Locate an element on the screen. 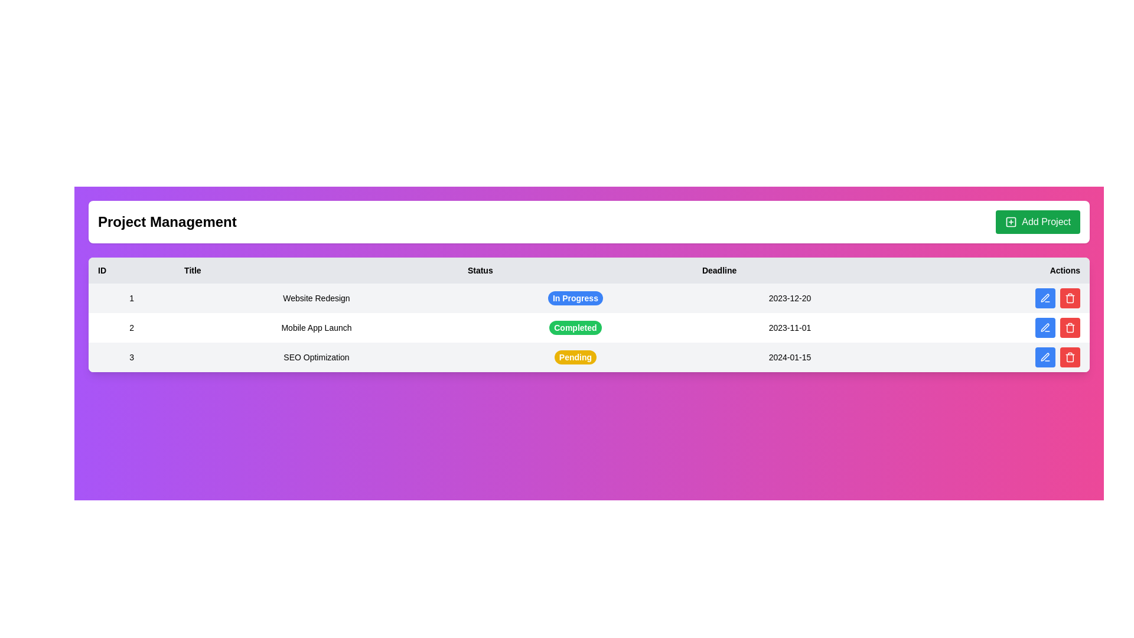 This screenshot has height=638, width=1134. the 'Pending' status indicator button for the project 'SEO Optimization' located in the third row of the table under the 'Status' column is located at coordinates (575, 357).